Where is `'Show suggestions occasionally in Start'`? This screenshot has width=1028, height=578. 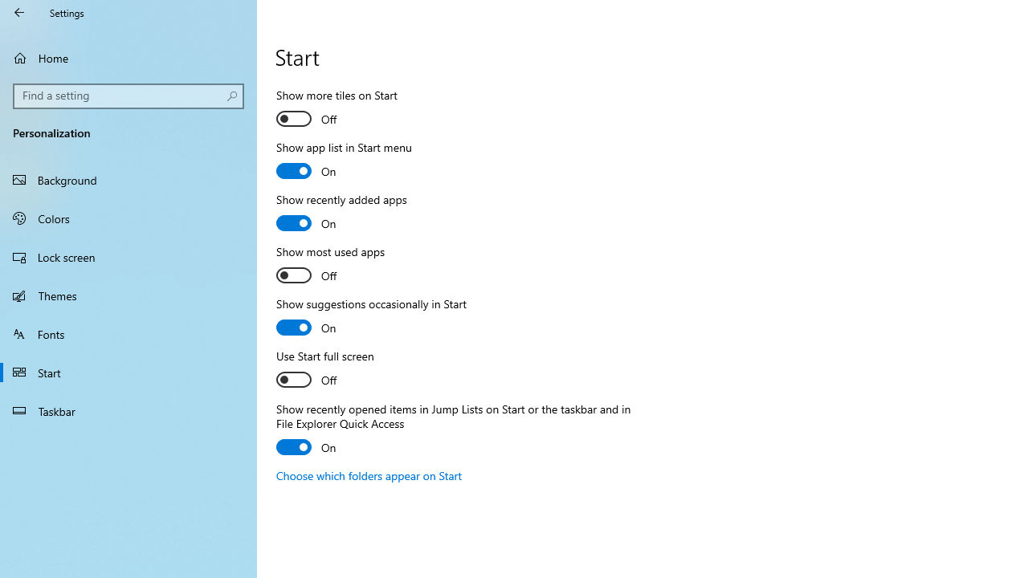 'Show suggestions occasionally in Start' is located at coordinates (371, 318).